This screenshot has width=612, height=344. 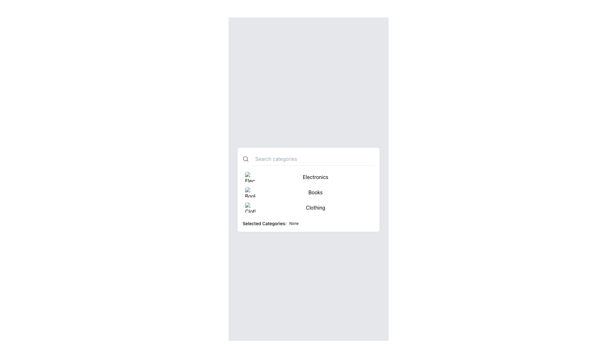 What do you see at coordinates (245, 158) in the screenshot?
I see `the circle element of the search icon, which is a decorative part of the SVG component located in the top-left side of the search input field` at bounding box center [245, 158].